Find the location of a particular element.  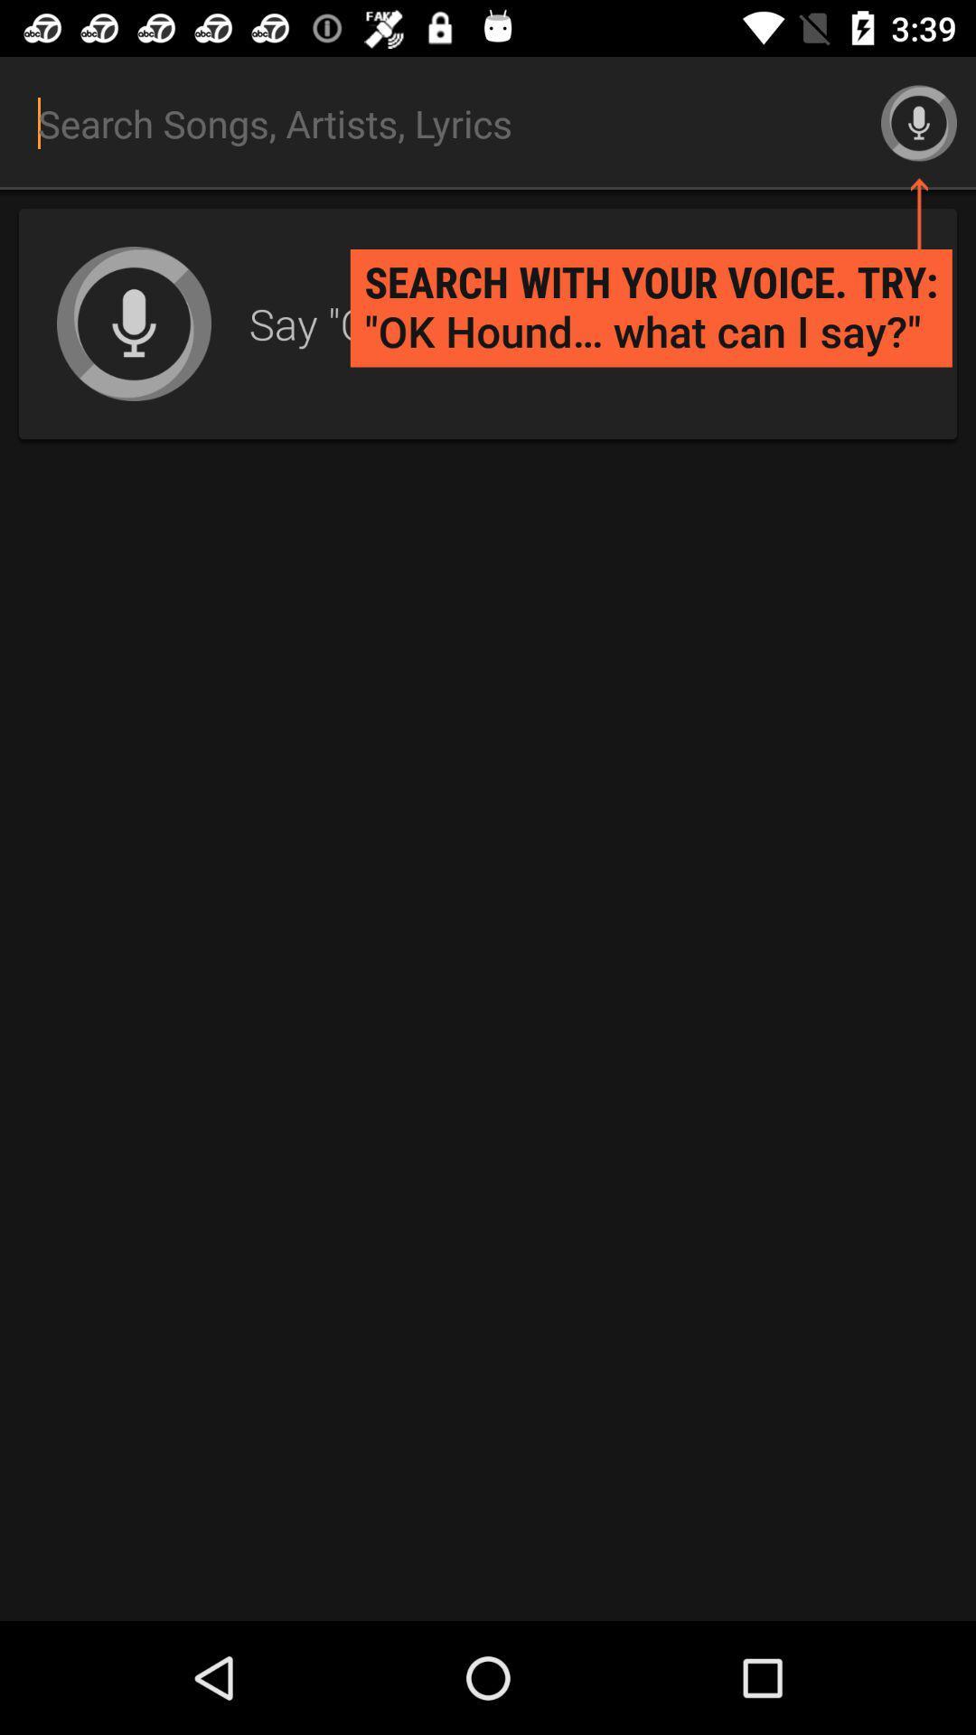

the microphone icon is located at coordinates (919, 122).